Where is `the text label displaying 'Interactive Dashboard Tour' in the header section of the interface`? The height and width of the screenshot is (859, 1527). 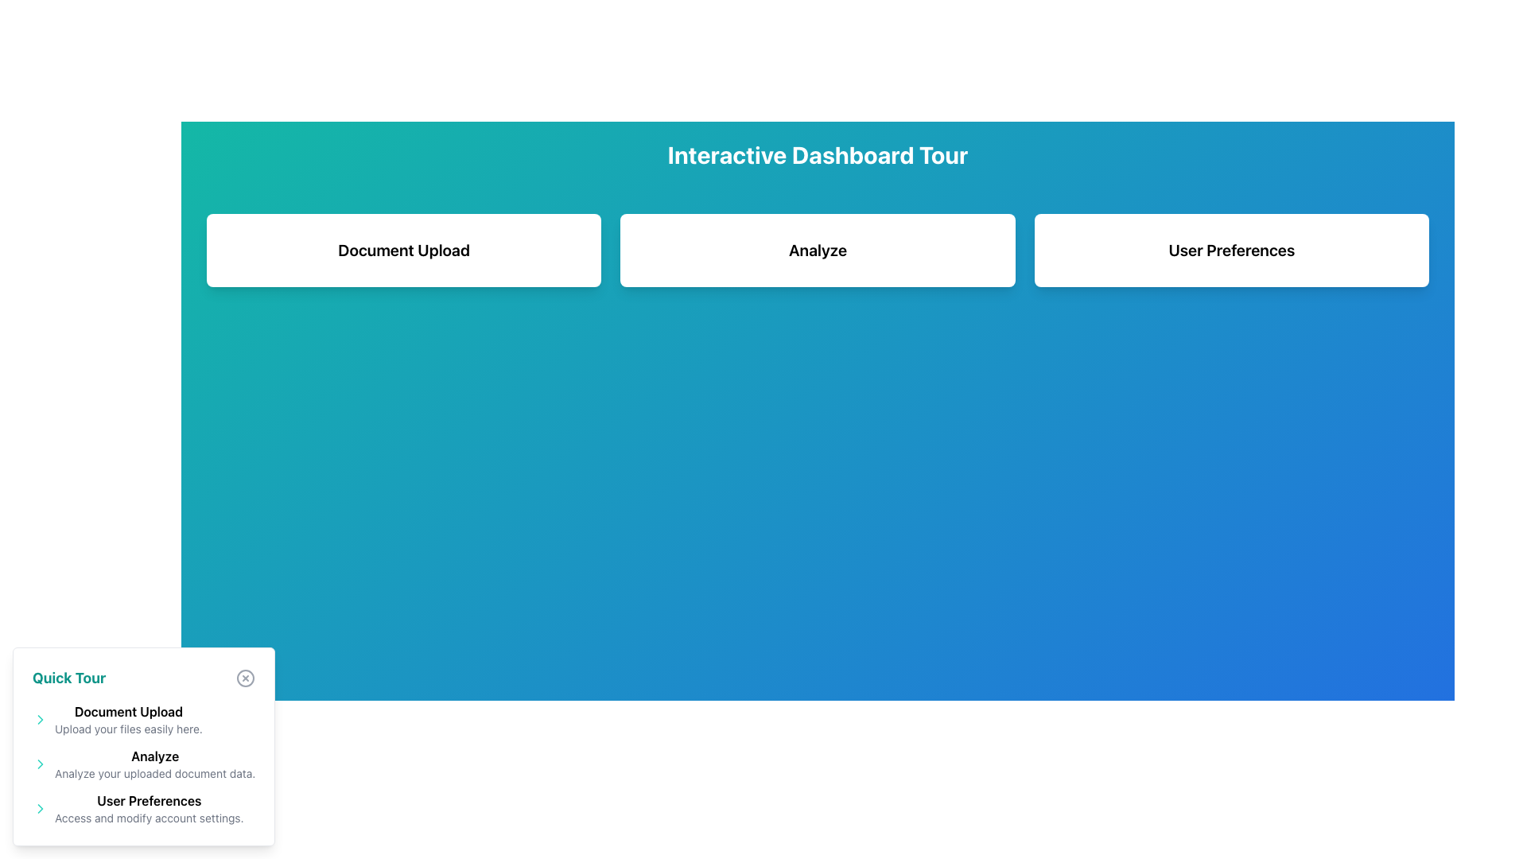 the text label displaying 'Interactive Dashboard Tour' in the header section of the interface is located at coordinates (818, 155).